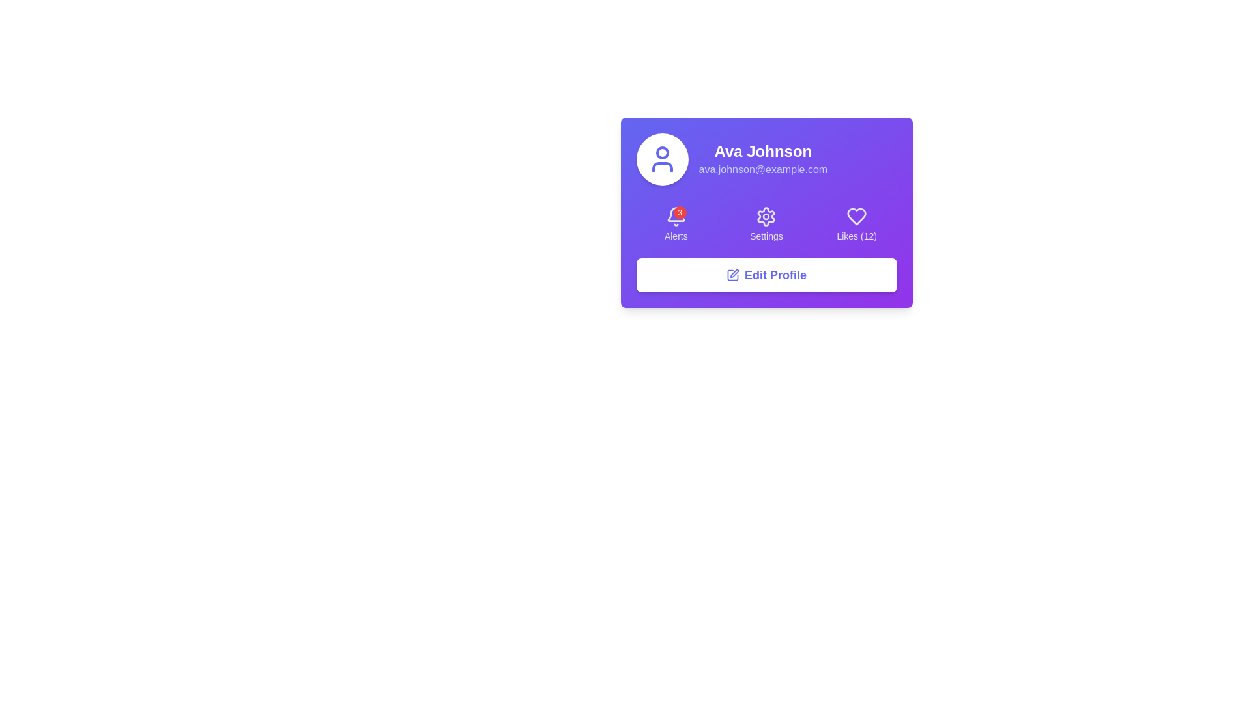 The width and height of the screenshot is (1251, 703). Describe the element at coordinates (734, 273) in the screenshot. I see `the Vector-based icon representing the editing action within the 'Edit Profile' button to modify the user's profile settings` at that location.